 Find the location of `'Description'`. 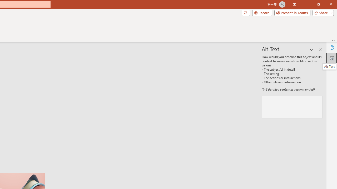

'Description' is located at coordinates (292, 107).